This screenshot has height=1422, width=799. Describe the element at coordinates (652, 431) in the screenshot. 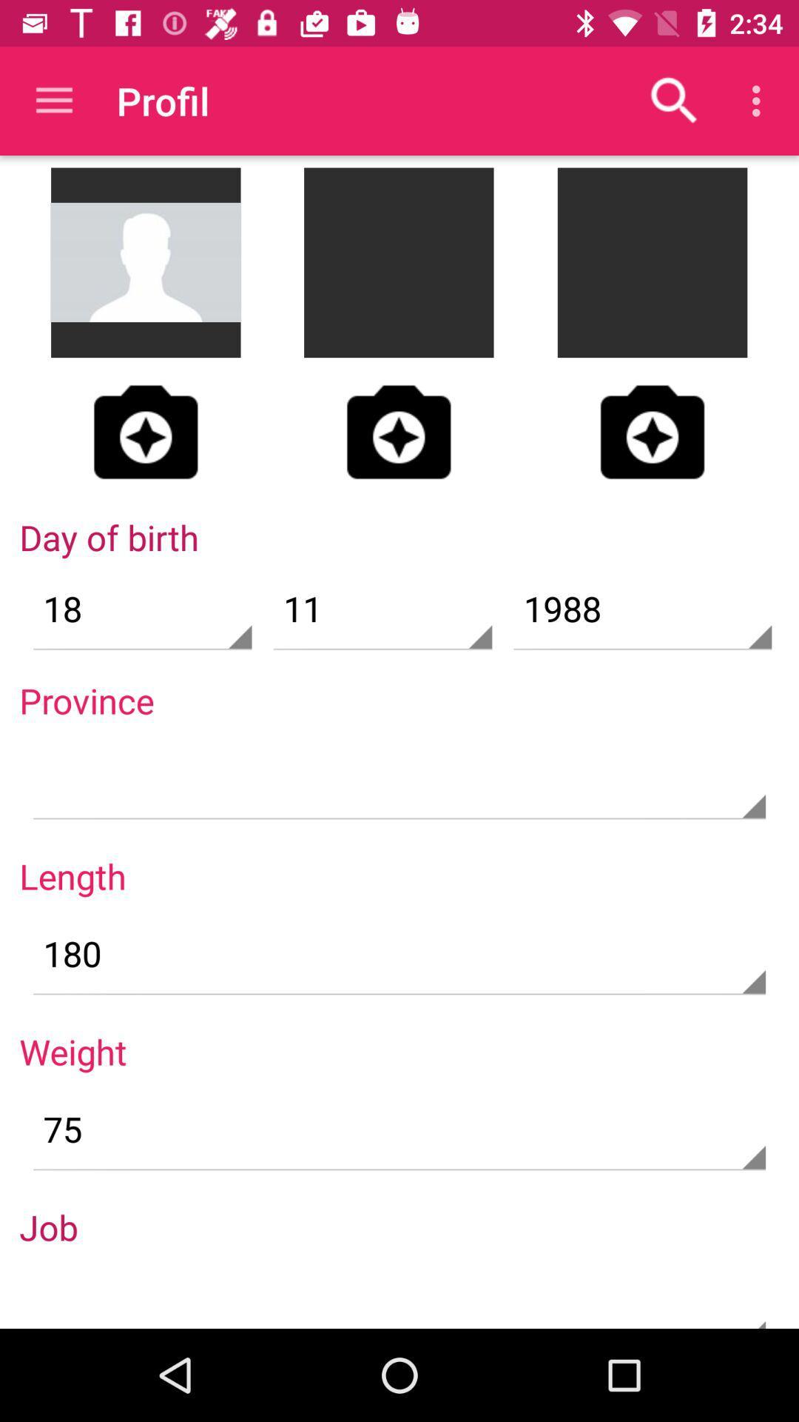

I see `snap image` at that location.